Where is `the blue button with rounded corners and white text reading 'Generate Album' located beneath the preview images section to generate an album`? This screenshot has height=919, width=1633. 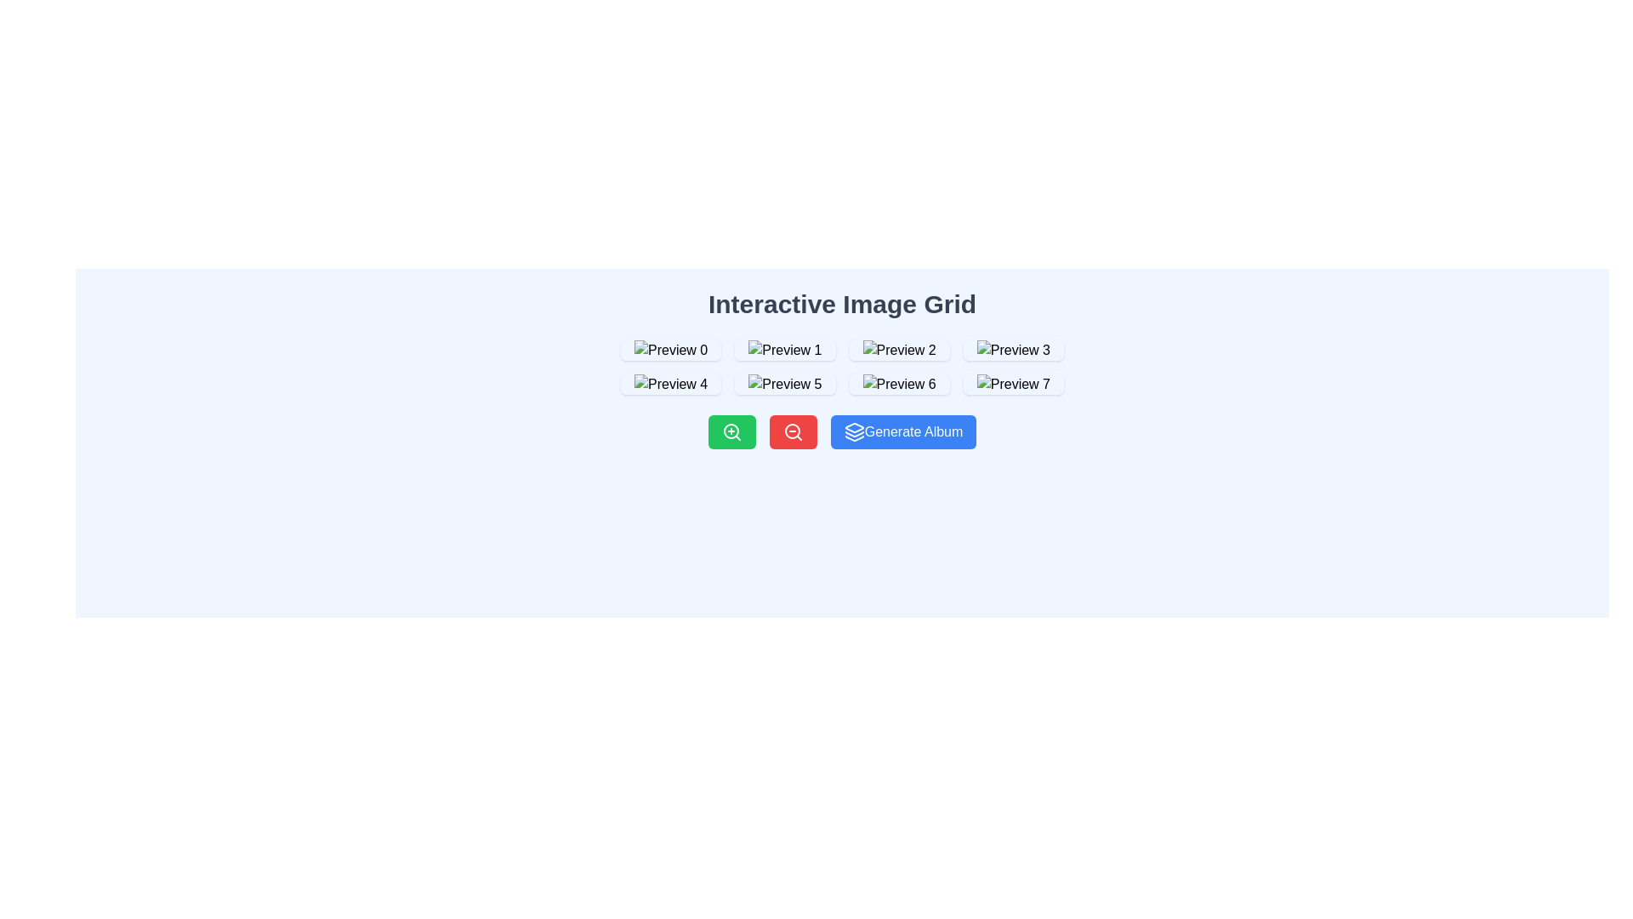 the blue button with rounded corners and white text reading 'Generate Album' located beneath the preview images section to generate an album is located at coordinates (902, 431).